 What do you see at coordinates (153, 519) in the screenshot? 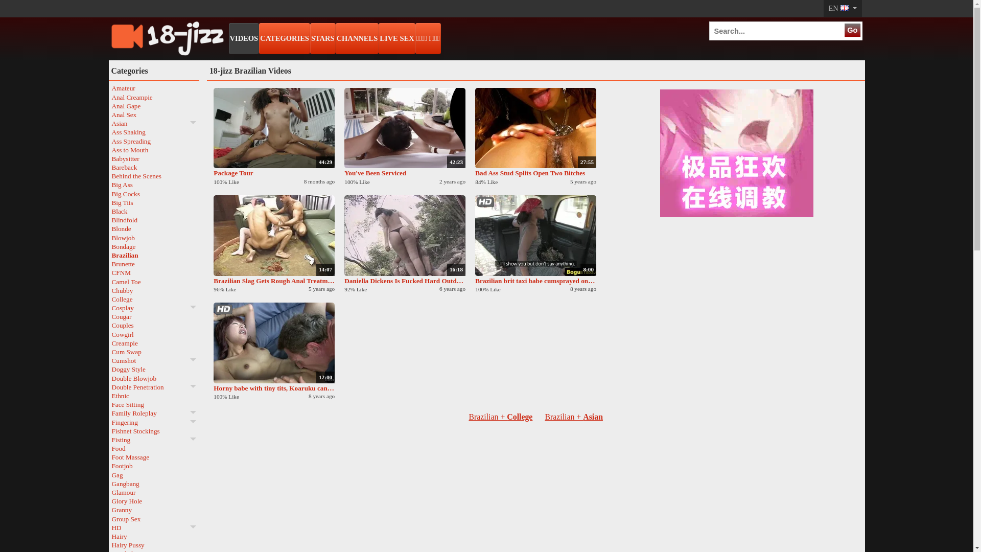
I see `'Group Sex'` at bounding box center [153, 519].